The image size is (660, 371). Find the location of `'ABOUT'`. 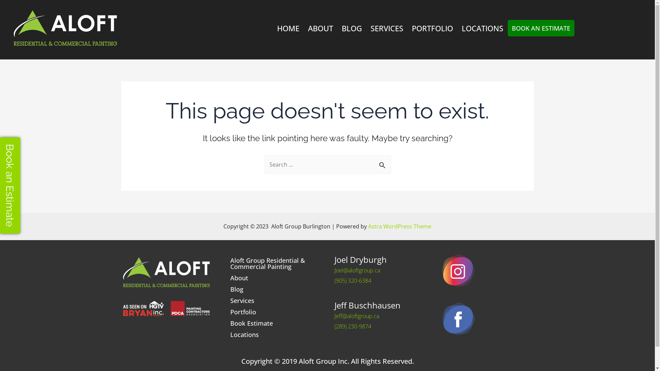

'ABOUT' is located at coordinates (320, 27).